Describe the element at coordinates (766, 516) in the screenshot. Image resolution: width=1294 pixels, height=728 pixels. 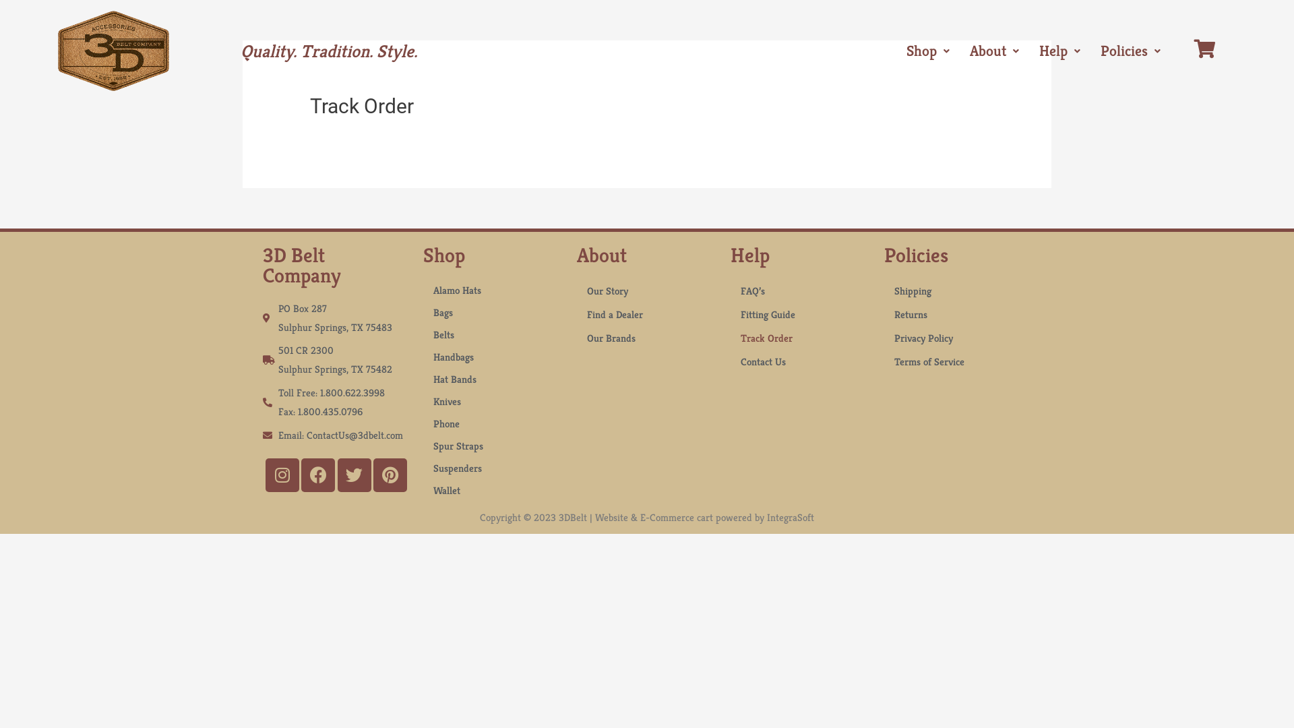
I see `'IntegraSoft'` at that location.